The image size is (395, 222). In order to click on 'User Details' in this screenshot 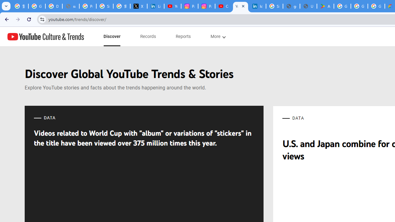, I will do `click(308, 6)`.